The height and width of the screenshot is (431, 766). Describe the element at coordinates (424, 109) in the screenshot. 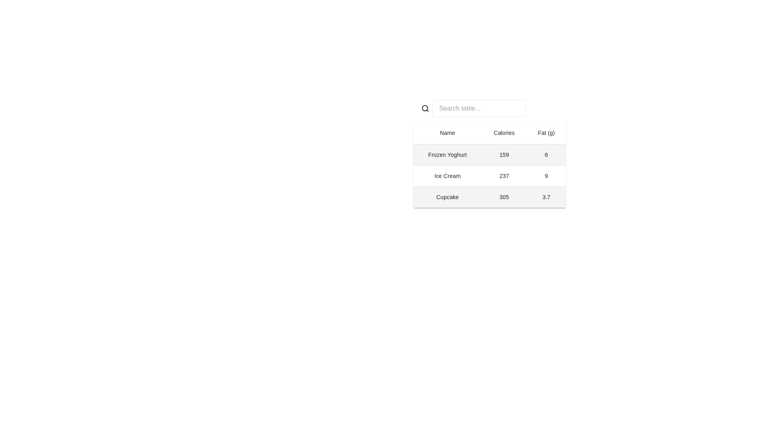

I see `the search icon, which is a small magnifying glass icon positioned to the left of the search input box with the placeholder 'Search table...'` at that location.